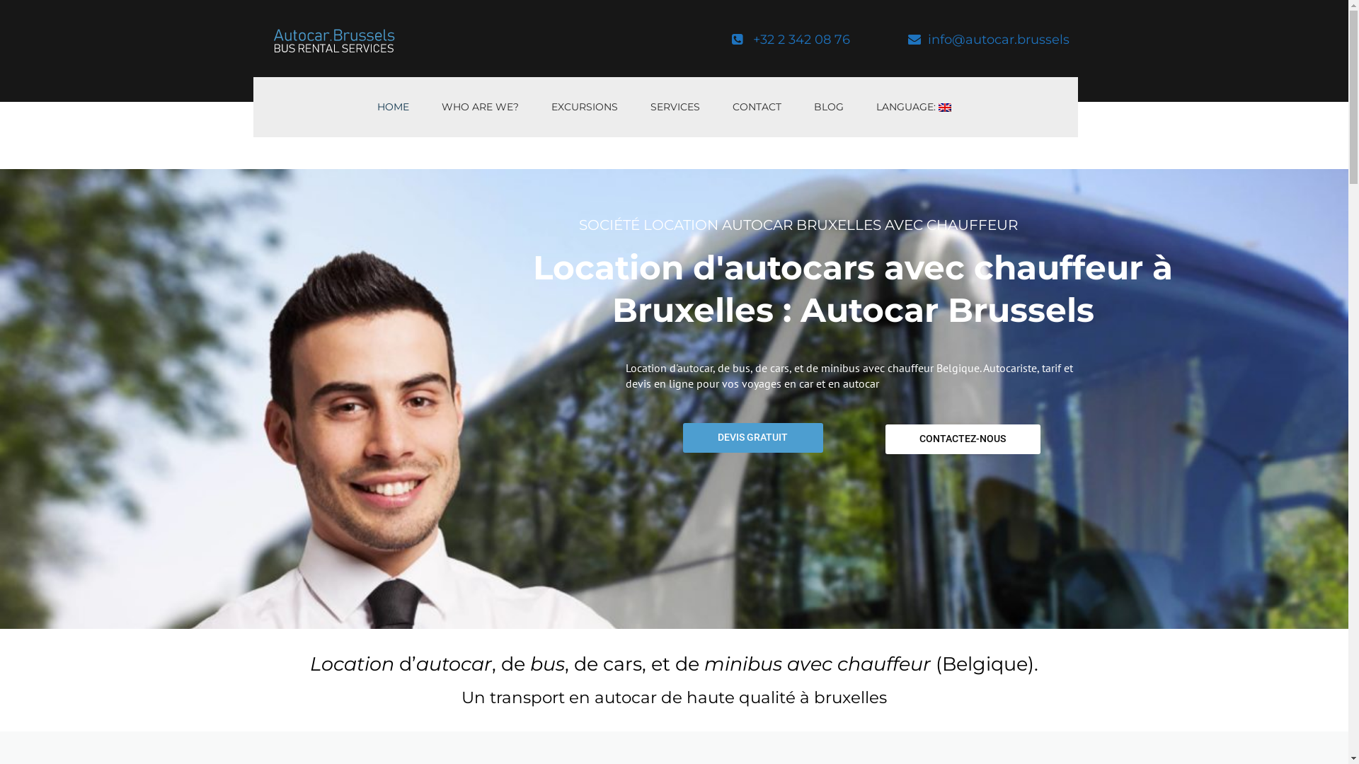 The height and width of the screenshot is (764, 1359). Describe the element at coordinates (536, 106) in the screenshot. I see `'EXCURSIONS'` at that location.